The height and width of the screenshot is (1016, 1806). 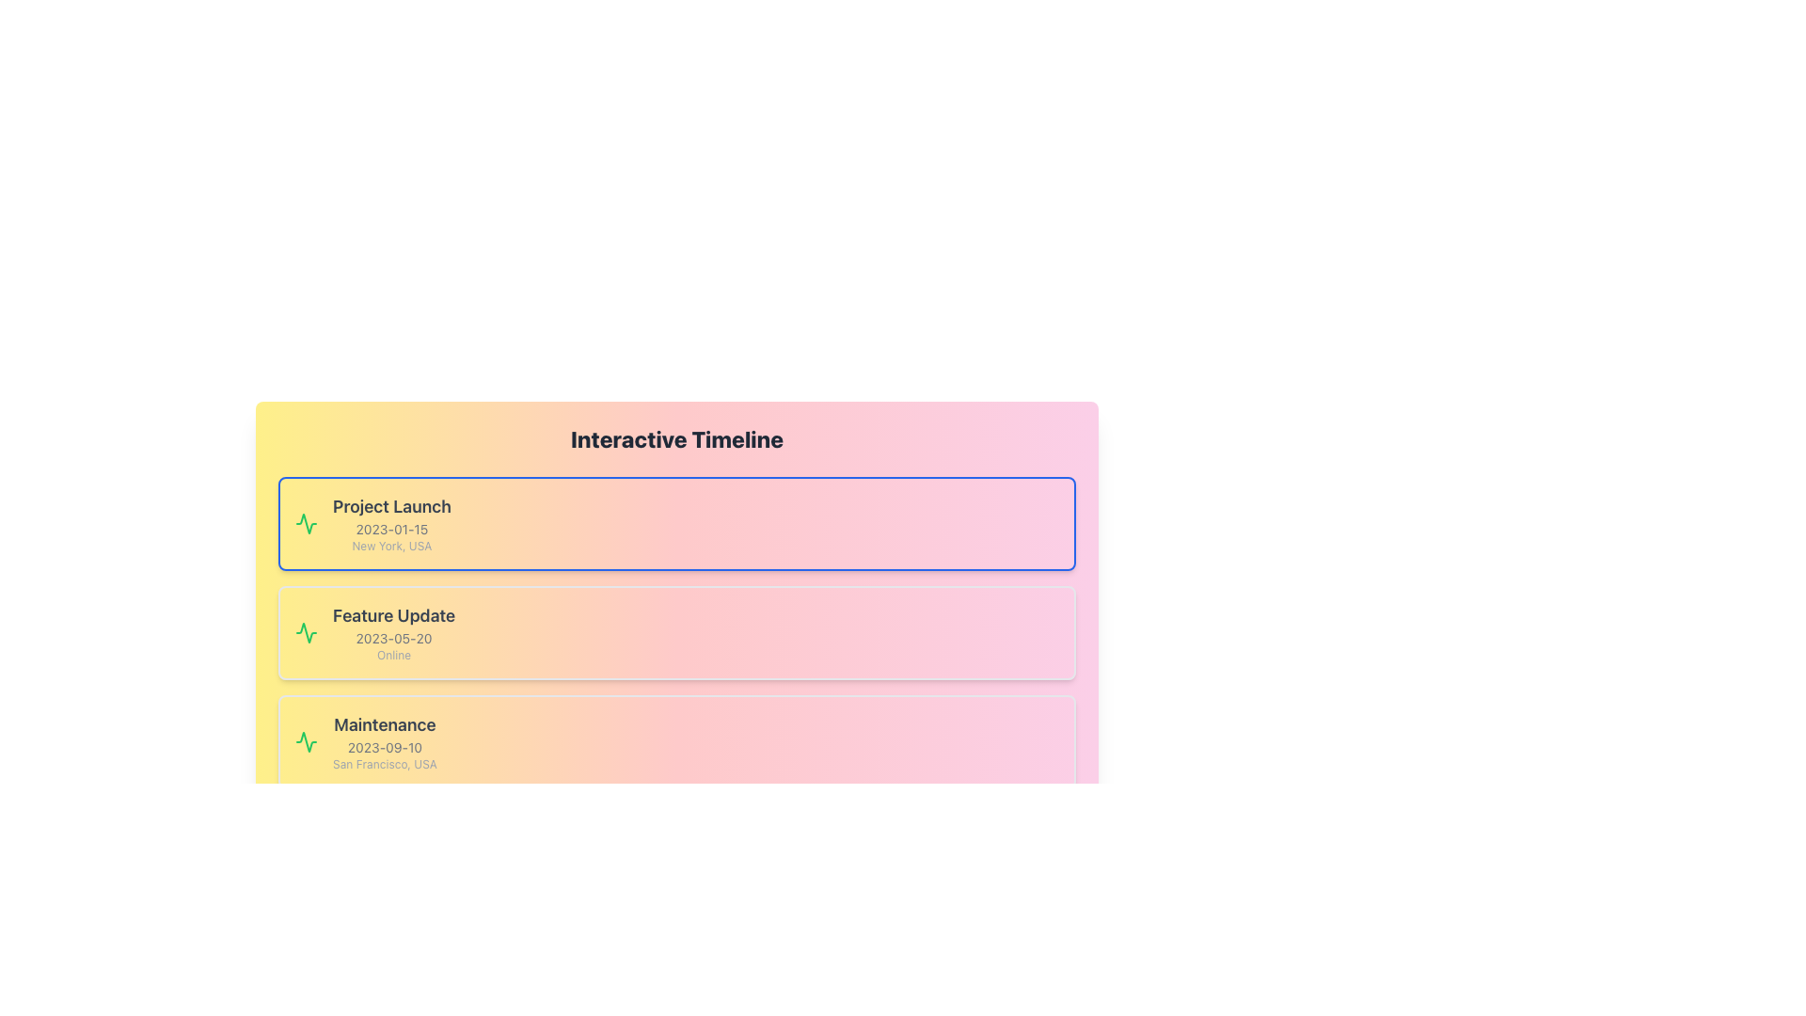 I want to click on the label displaying the date '2023-09-10' located in the 'Maintenance' section, positioned between the 'Maintenance' title and 'San Francisco, USA' location text, so click(x=384, y=746).